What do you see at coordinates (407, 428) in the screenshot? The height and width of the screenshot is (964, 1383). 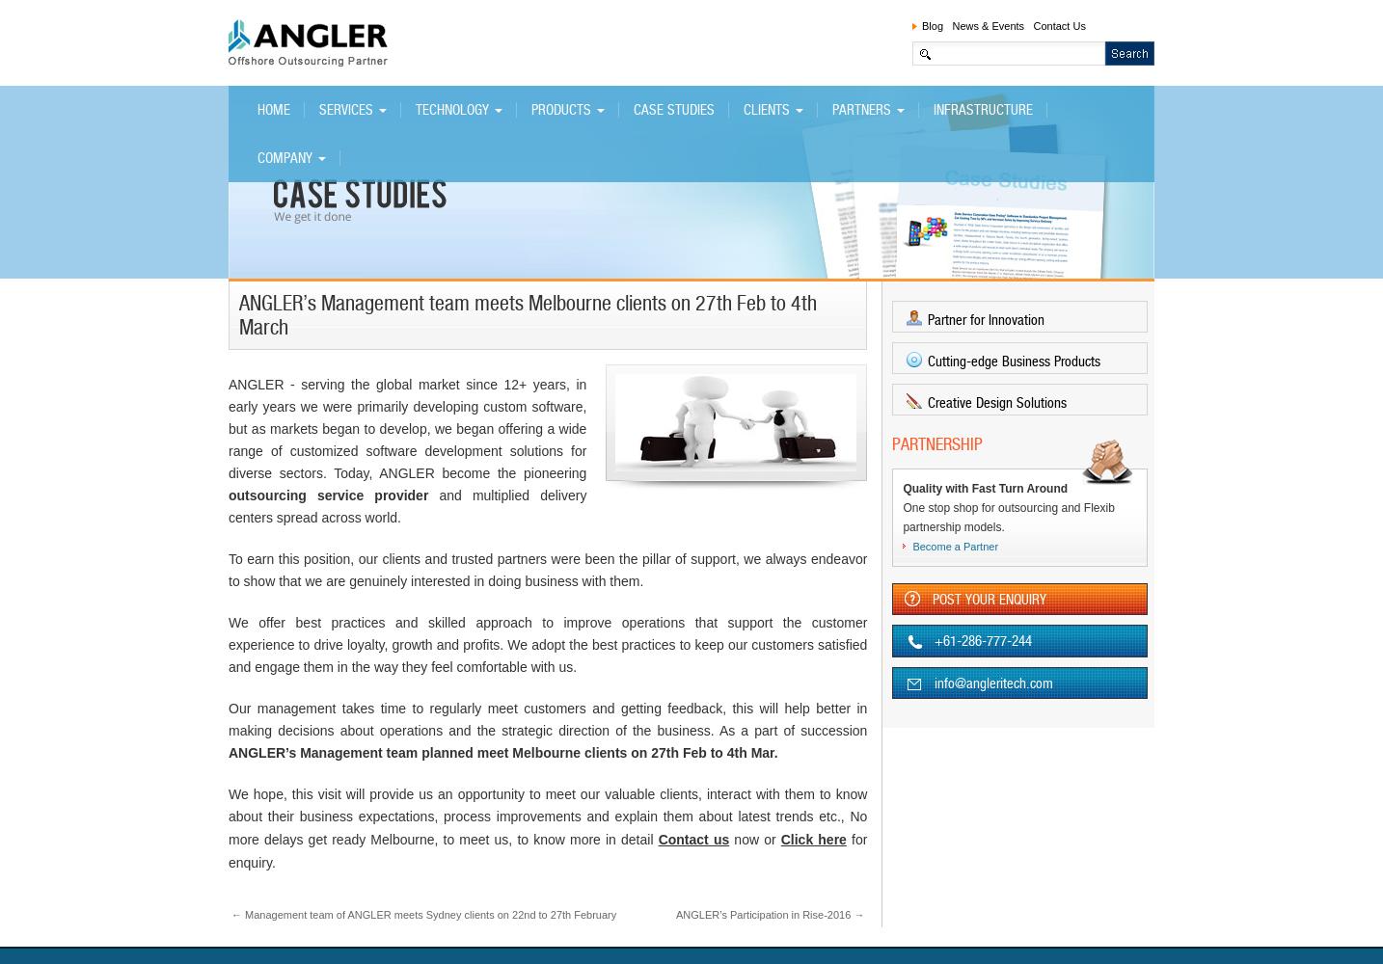 I see `'ANGLER - serving the global market since 12+ years, in early years we were primarily developing custom software, but as markets began to develop, we began offering a wide range of customized software development solutions for diverse sectors. Today, ANGLER become the pioneering'` at bounding box center [407, 428].